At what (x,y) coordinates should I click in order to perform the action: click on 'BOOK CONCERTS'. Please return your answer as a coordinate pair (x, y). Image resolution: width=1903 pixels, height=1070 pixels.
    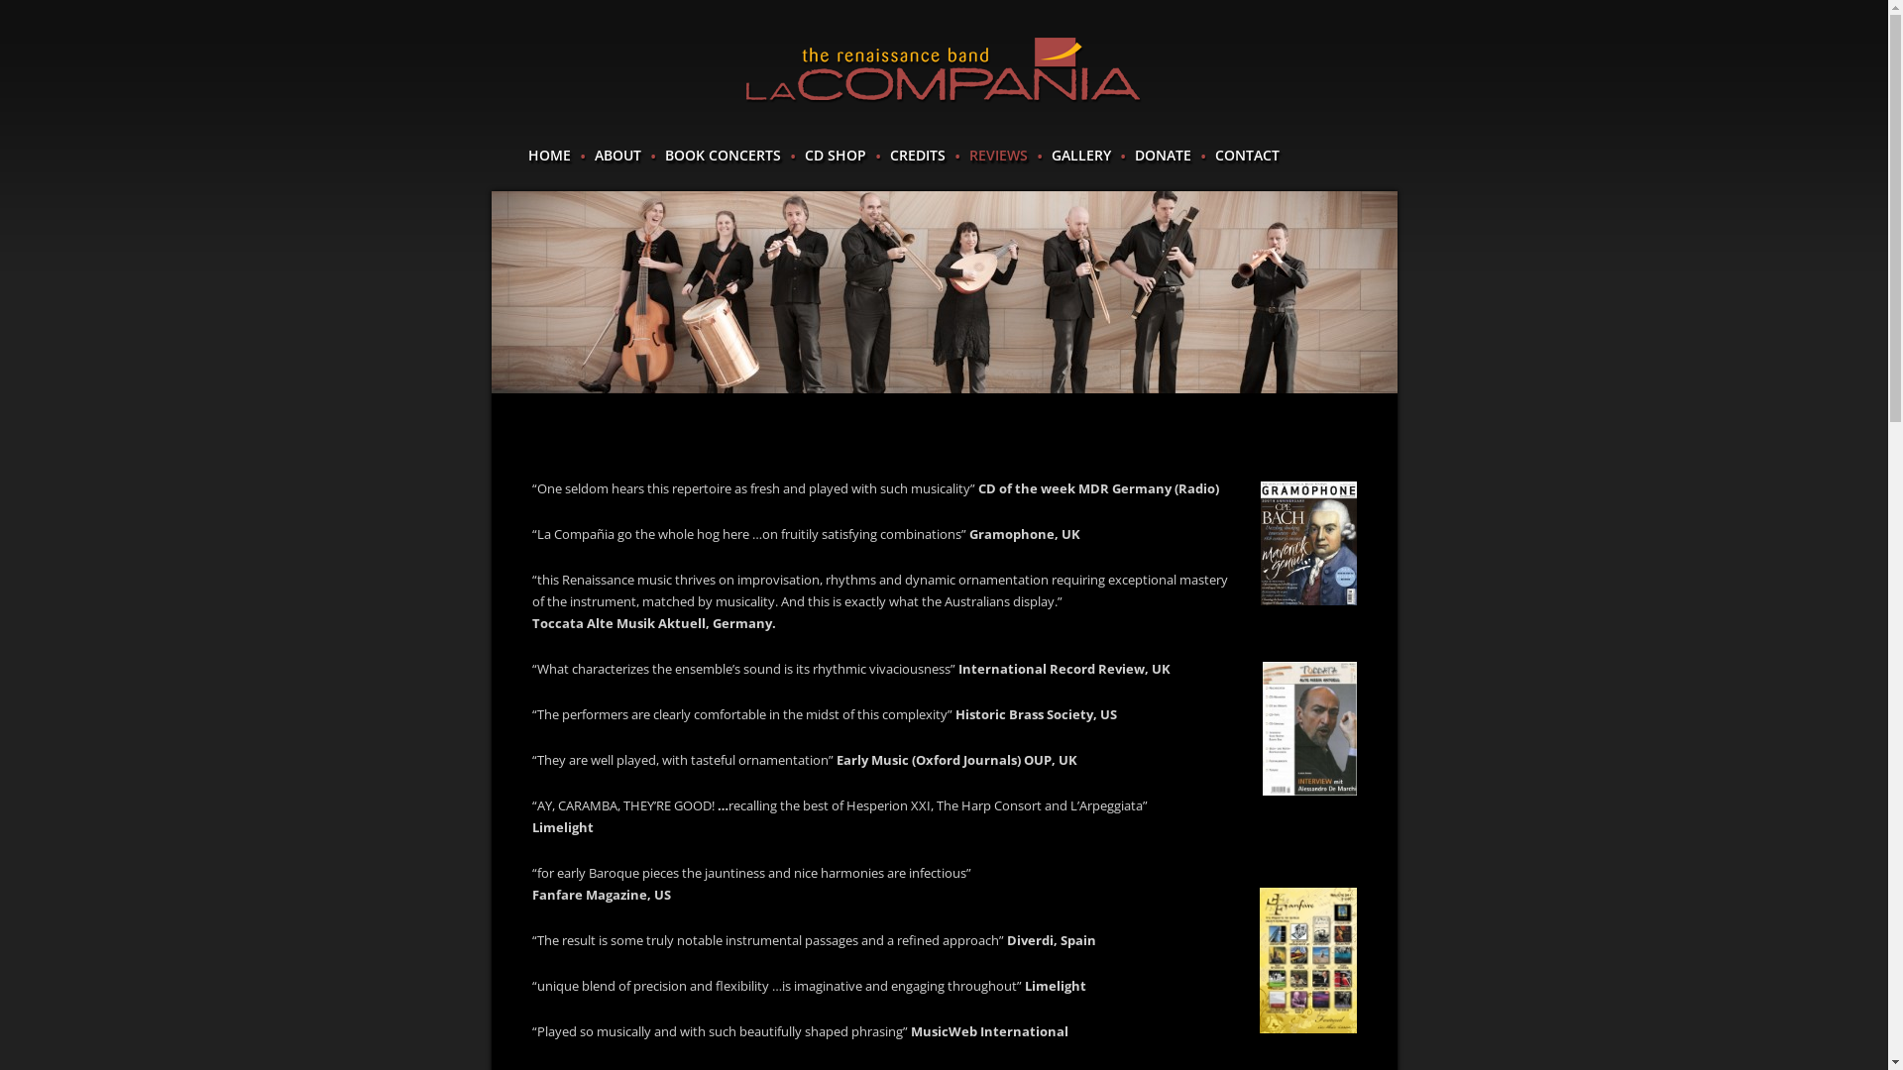
    Looking at the image, I should click on (721, 155).